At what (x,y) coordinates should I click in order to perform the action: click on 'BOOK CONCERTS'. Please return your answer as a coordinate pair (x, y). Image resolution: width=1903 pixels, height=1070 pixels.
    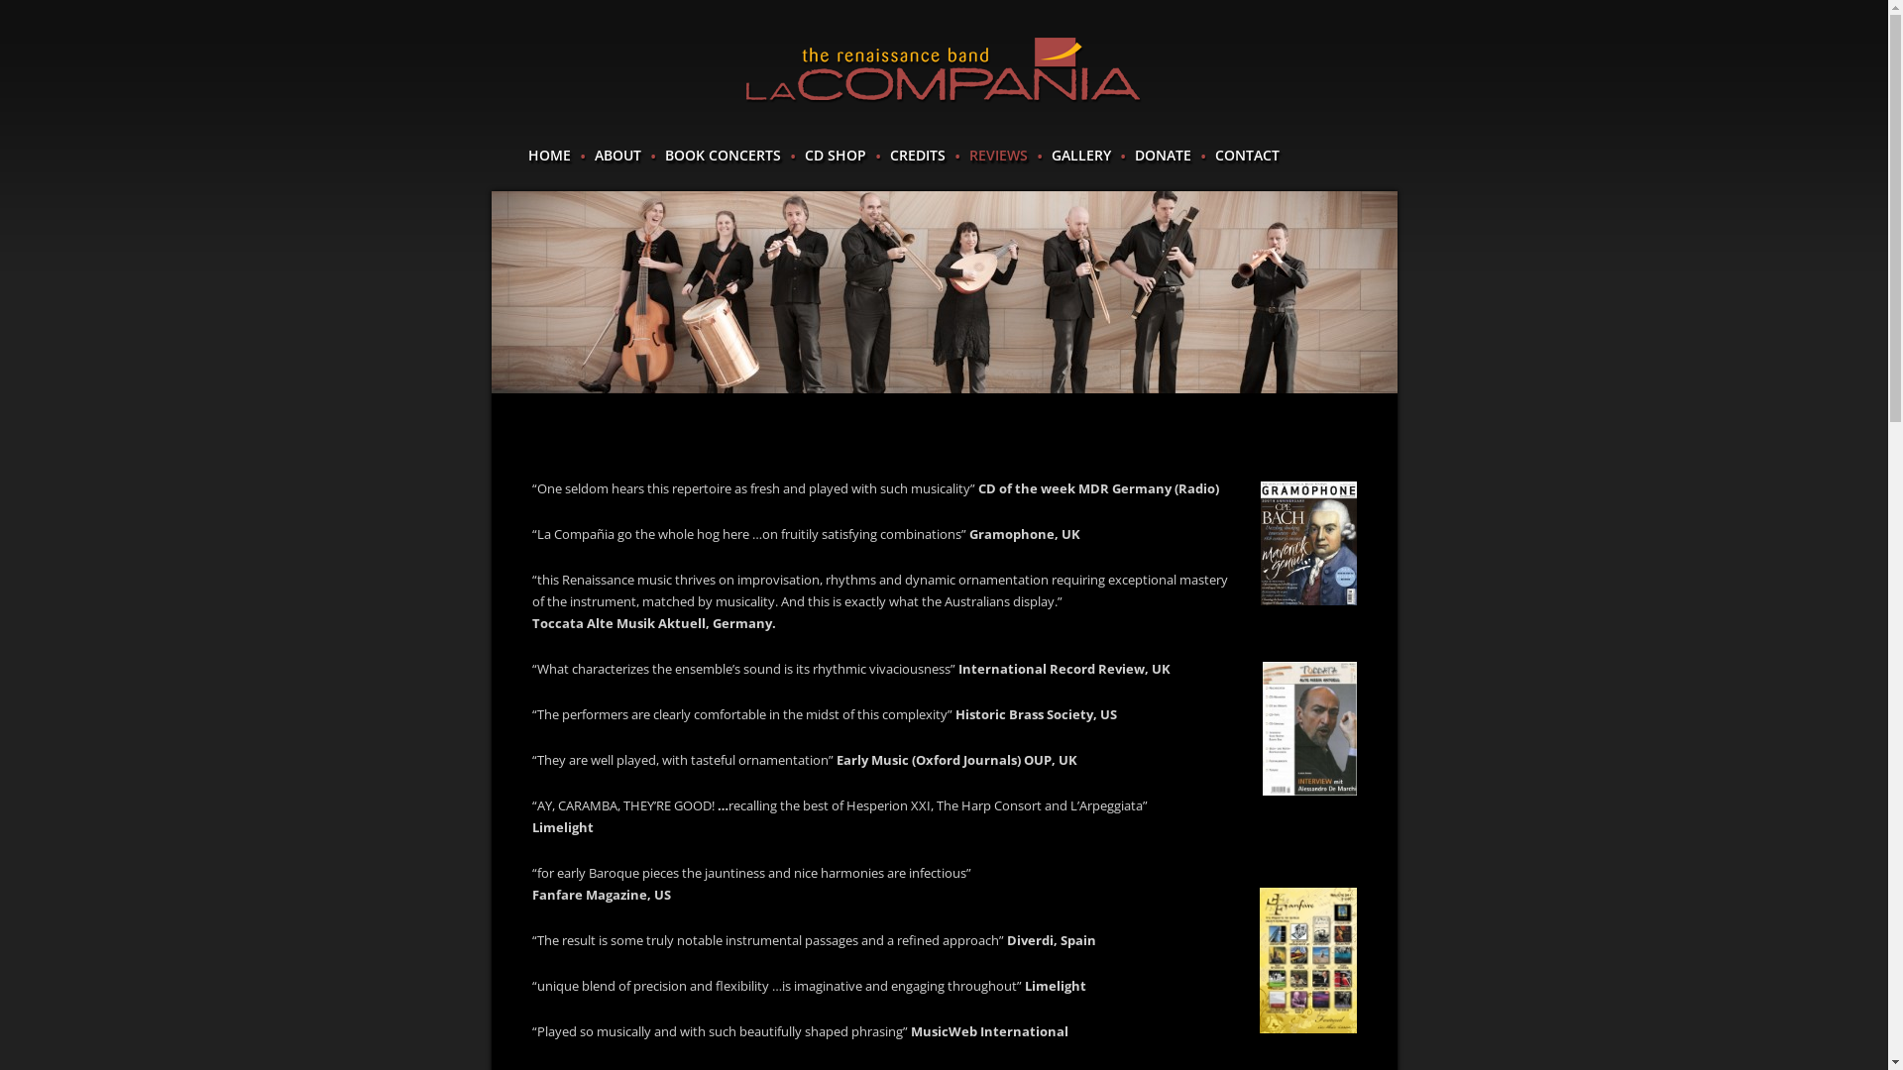
    Looking at the image, I should click on (721, 155).